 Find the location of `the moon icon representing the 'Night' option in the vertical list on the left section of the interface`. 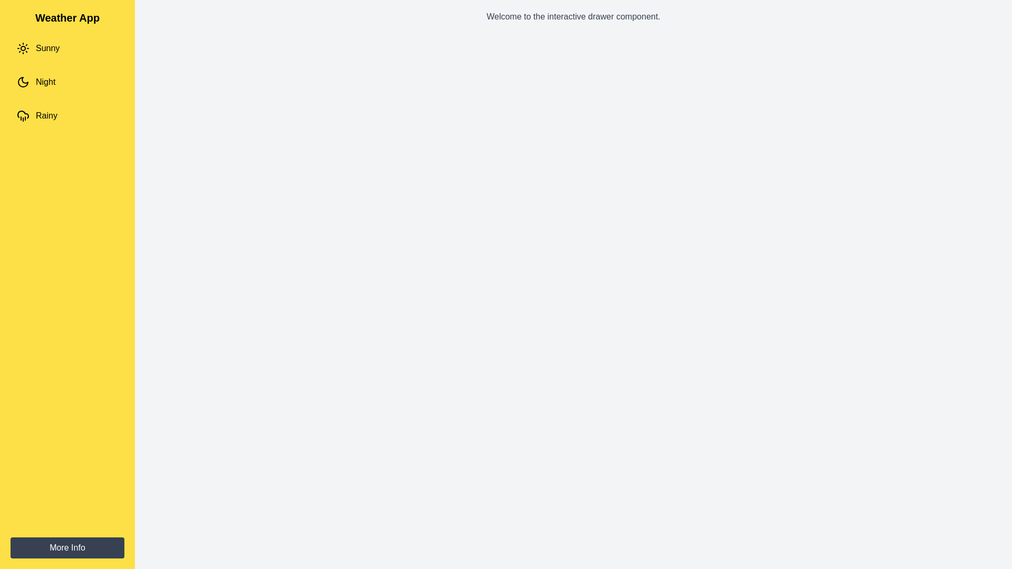

the moon icon representing the 'Night' option in the vertical list on the left section of the interface is located at coordinates (23, 81).